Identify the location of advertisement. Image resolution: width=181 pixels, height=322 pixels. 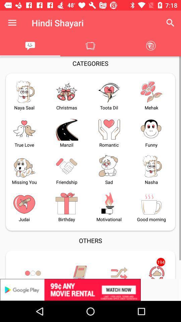
(90, 289).